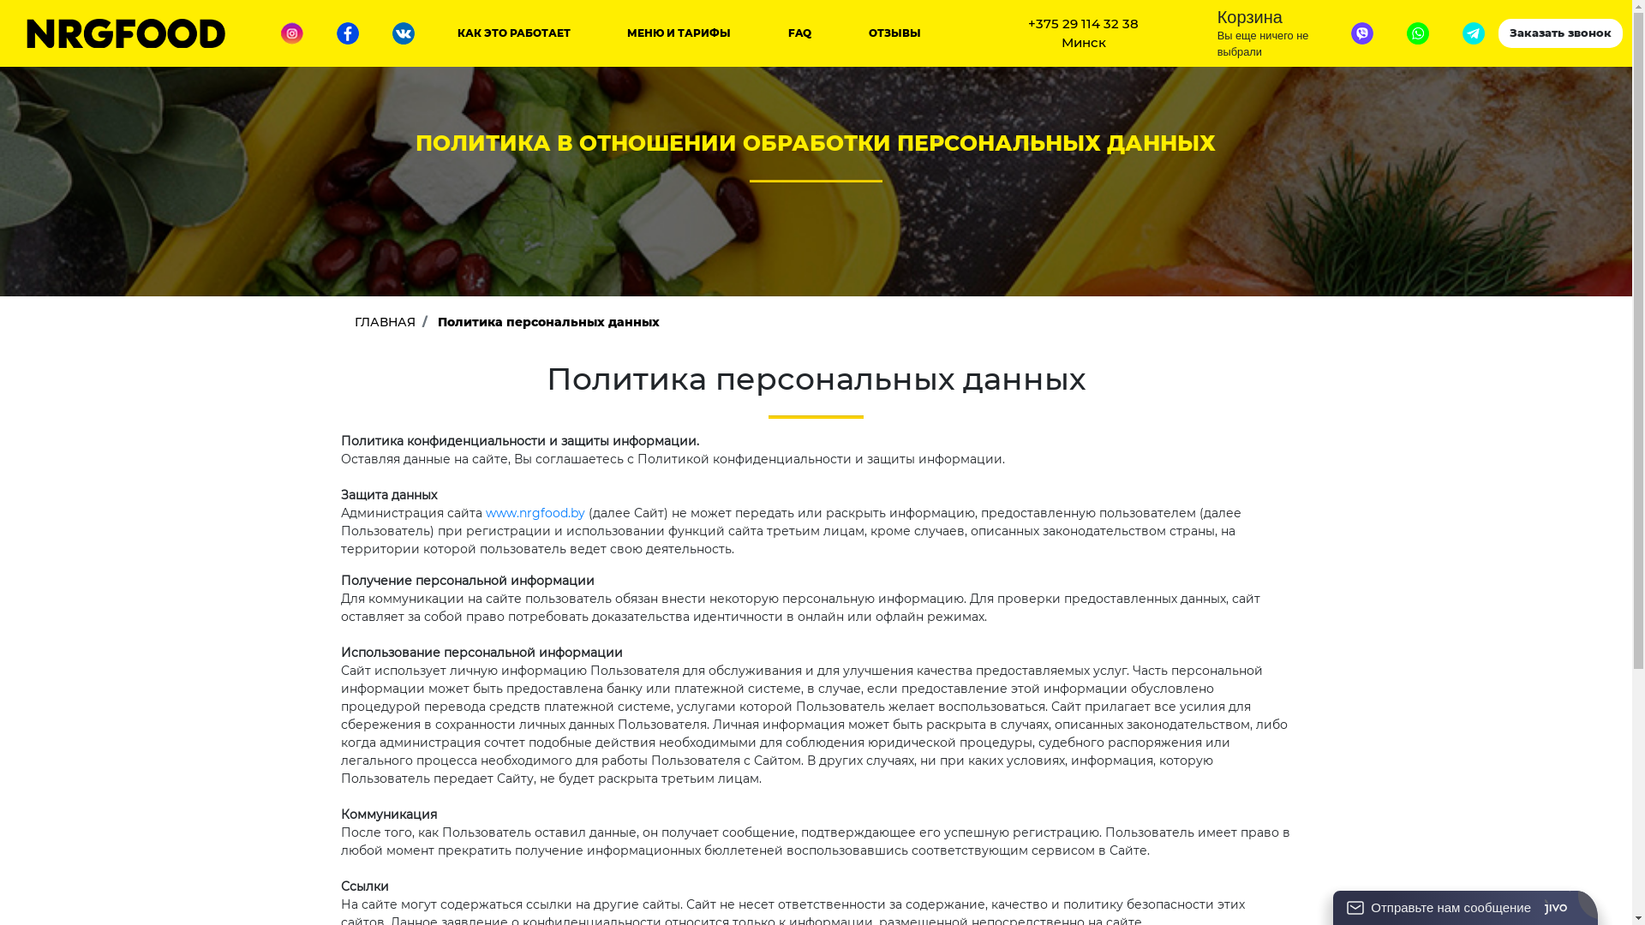 This screenshot has width=1645, height=925. I want to click on 'FAQ', so click(787, 33).